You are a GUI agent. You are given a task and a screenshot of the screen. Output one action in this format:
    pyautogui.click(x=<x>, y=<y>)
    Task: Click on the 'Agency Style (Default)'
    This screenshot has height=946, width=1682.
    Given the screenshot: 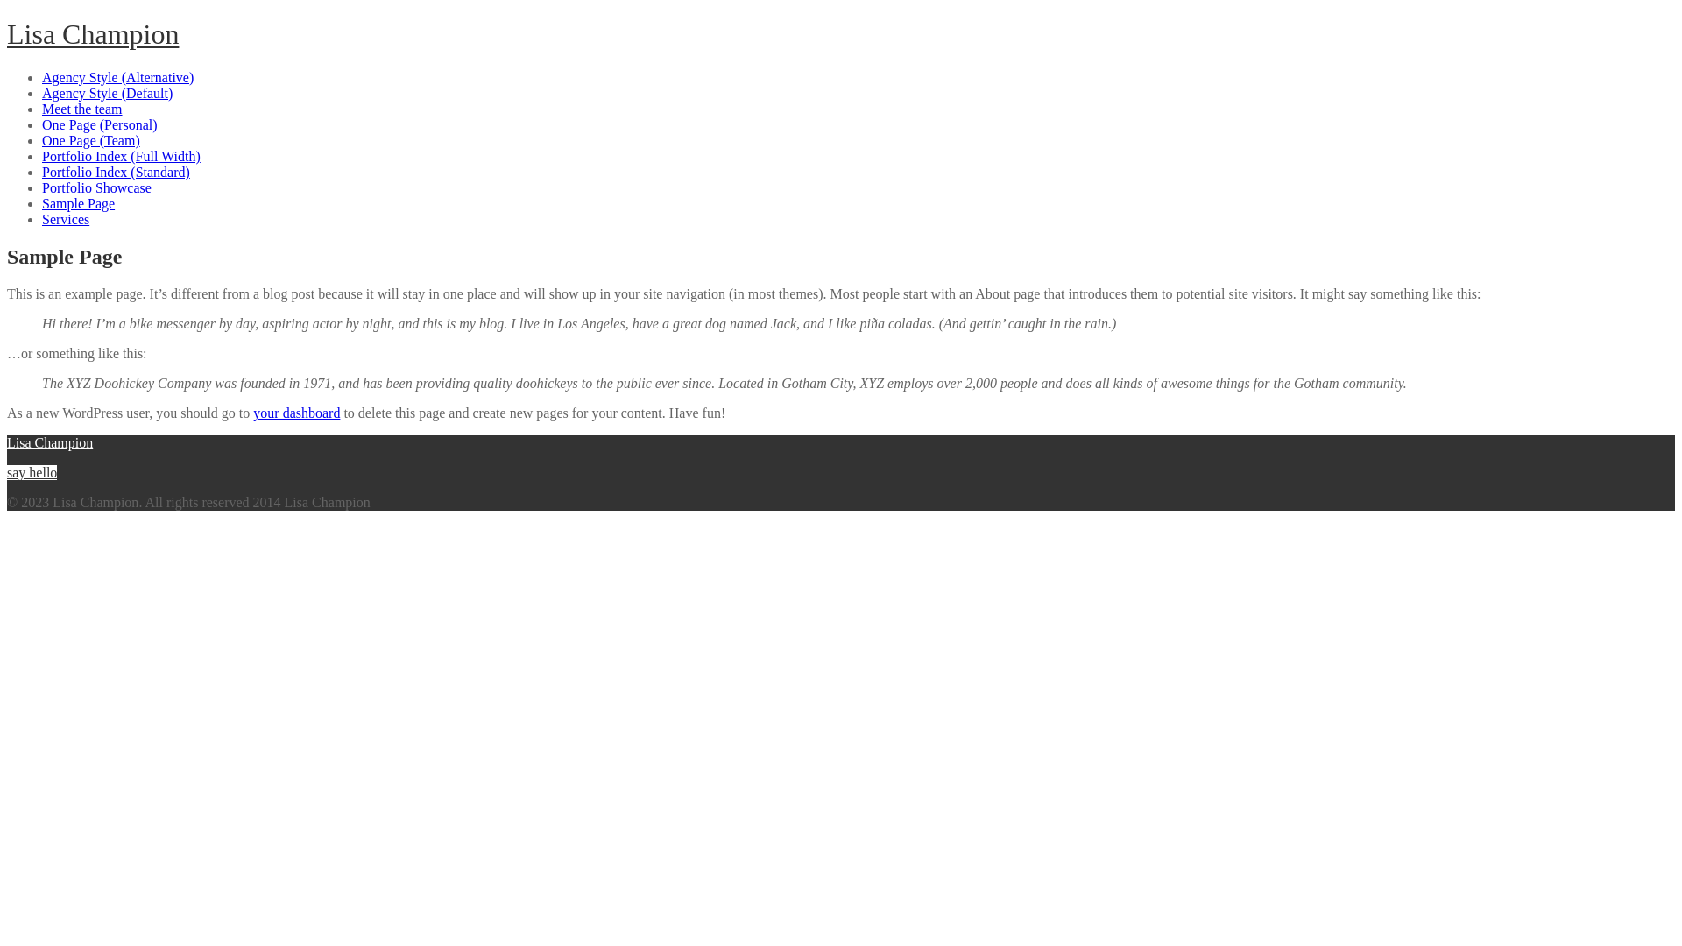 What is the action you would take?
    pyautogui.click(x=106, y=93)
    